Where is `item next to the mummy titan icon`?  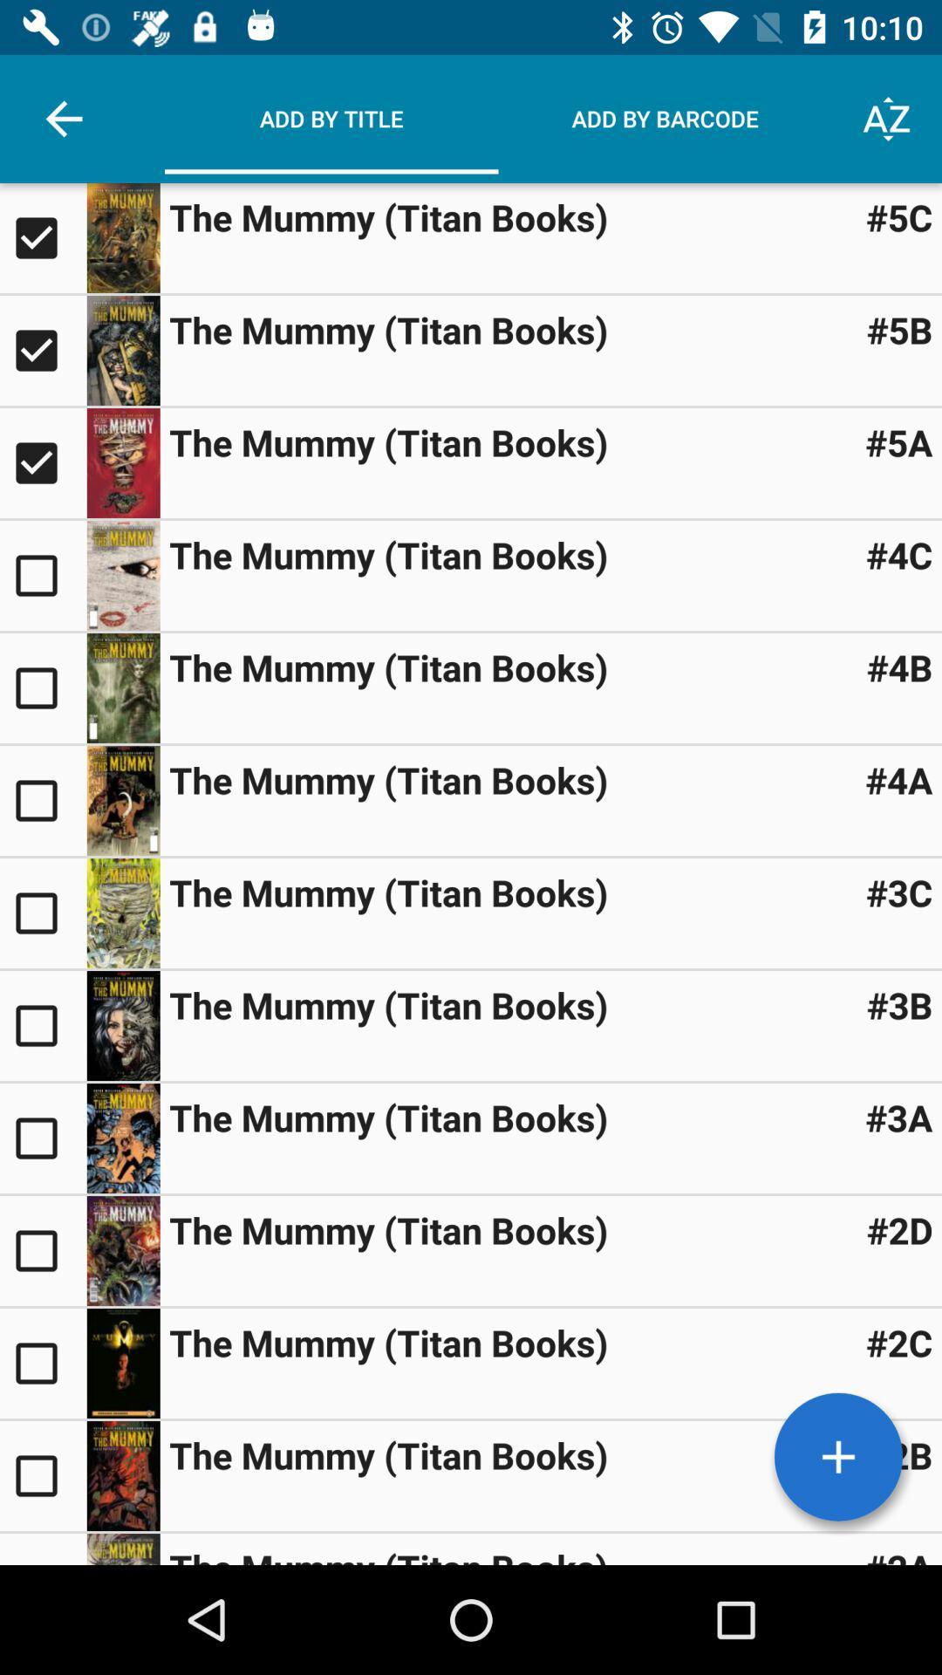 item next to the mummy titan icon is located at coordinates (899, 330).